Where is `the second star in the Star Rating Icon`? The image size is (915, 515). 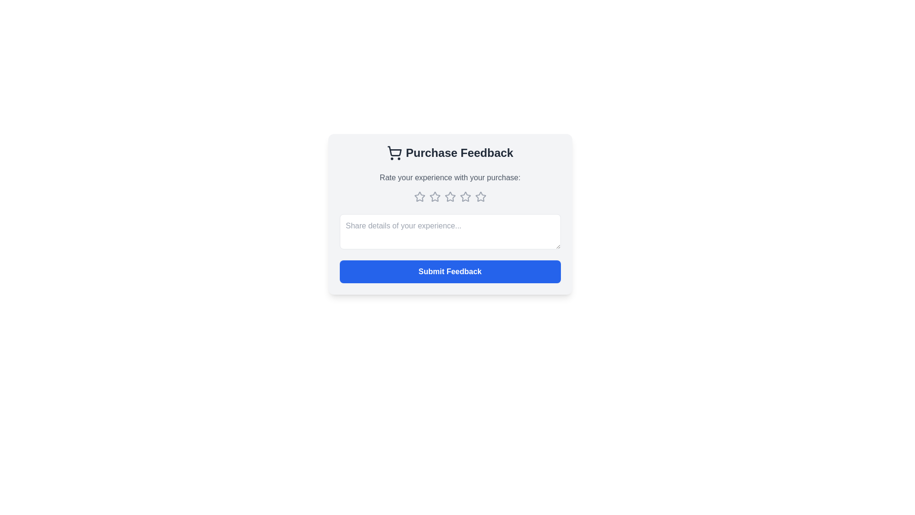 the second star in the Star Rating Icon is located at coordinates (419, 196).